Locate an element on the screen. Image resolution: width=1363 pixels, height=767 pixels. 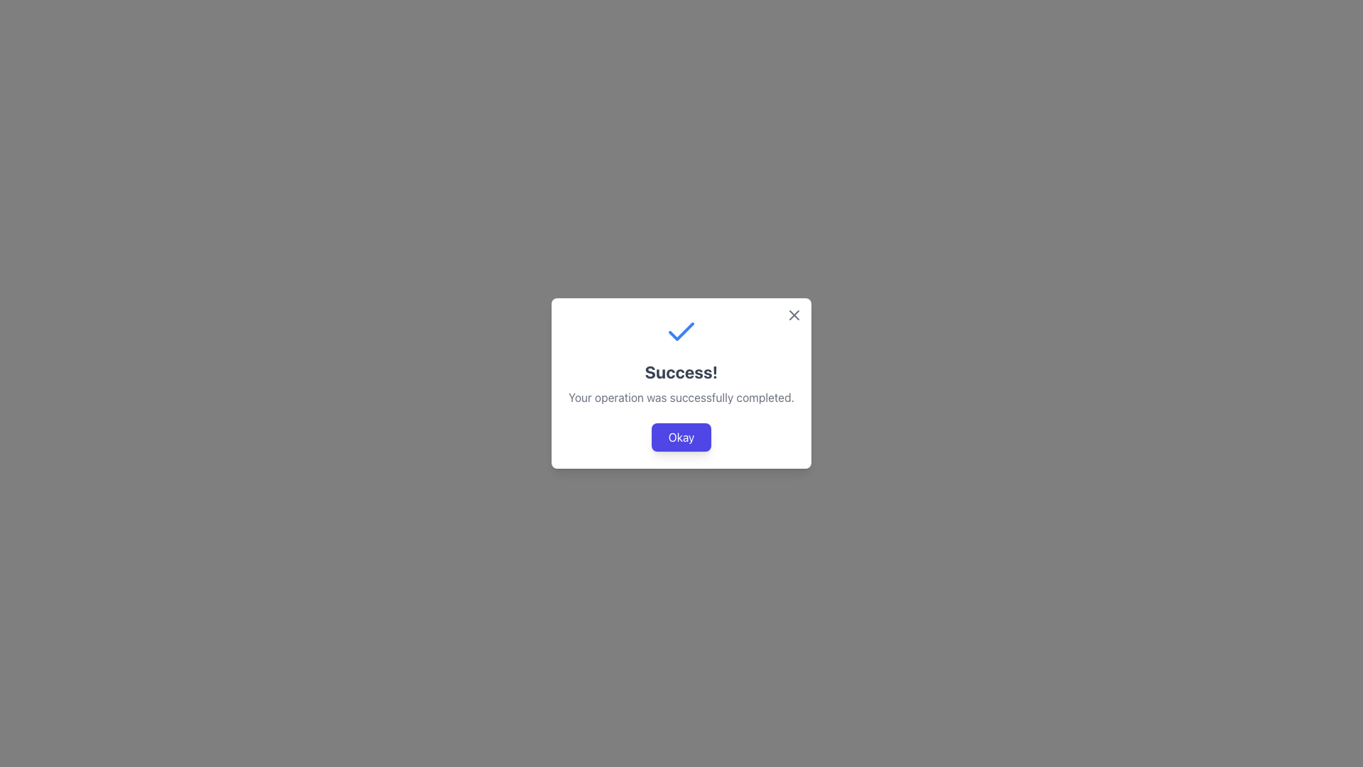
the blue checkmark icon that is prominently displayed above the 'Success!' text in the modal confirmation dialog is located at coordinates (681, 331).